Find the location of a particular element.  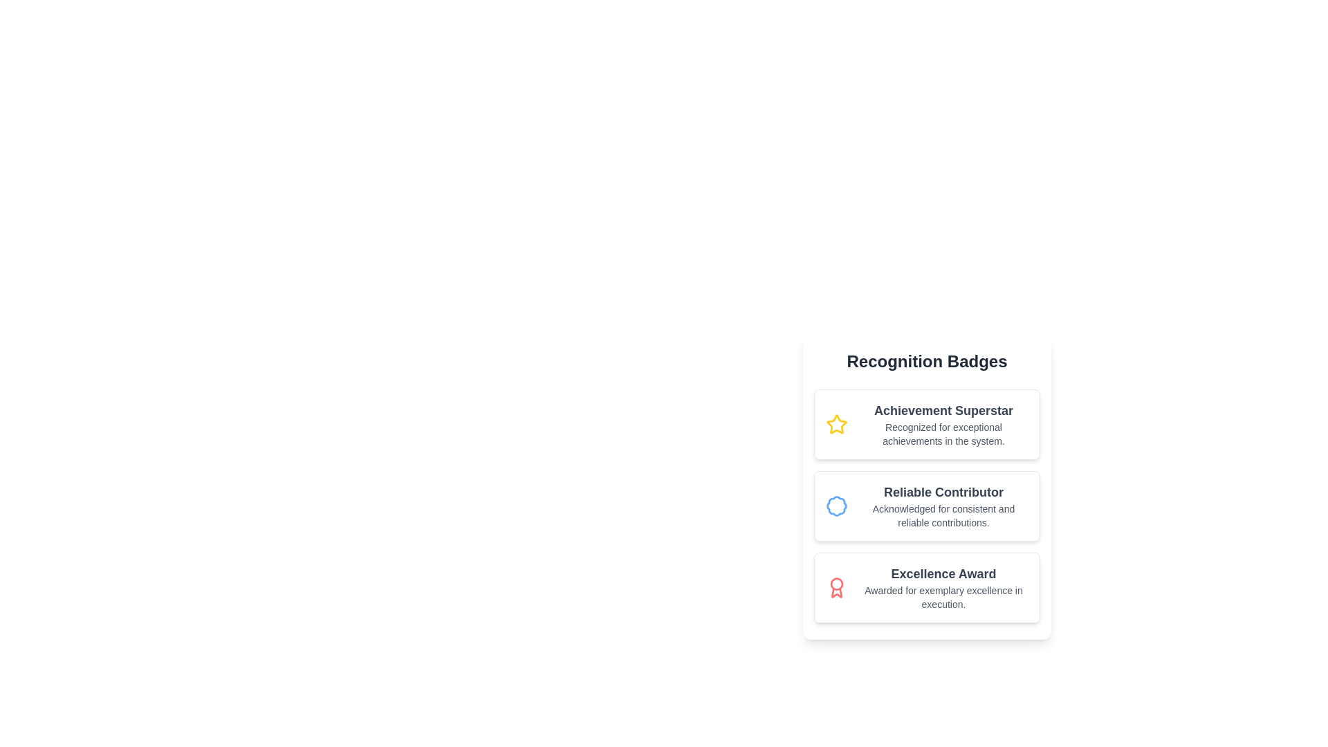

the badge icon representing 'Reliable Contributor' is located at coordinates (836, 506).